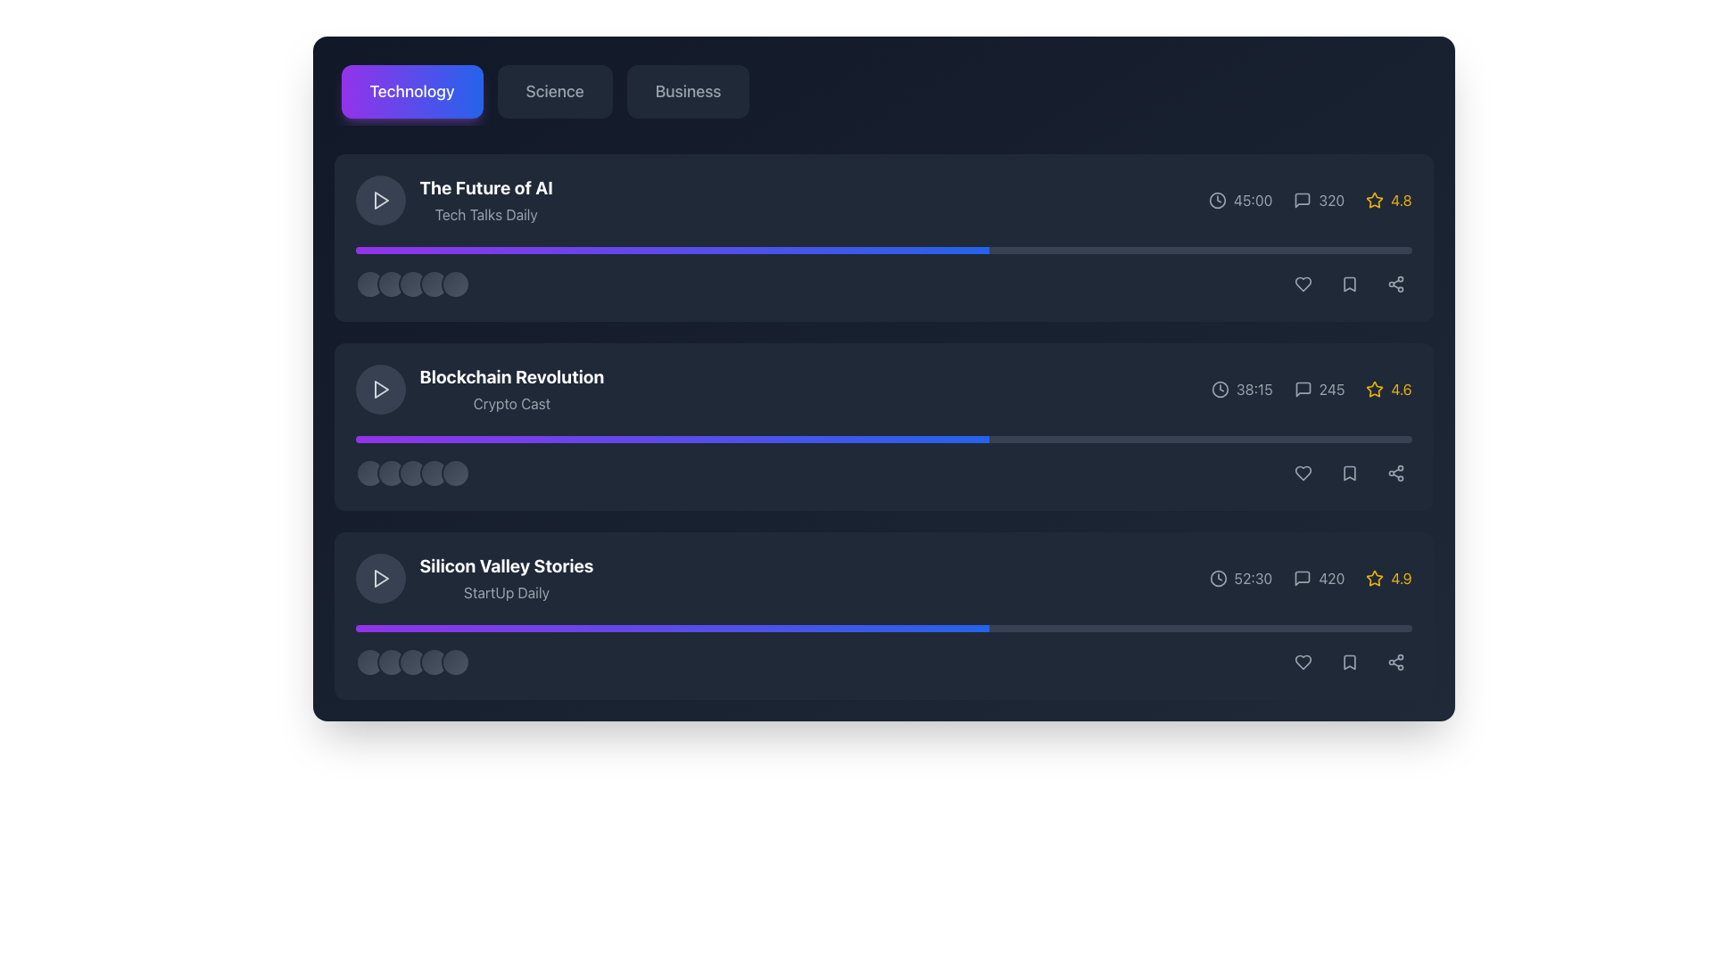 Image resolution: width=1713 pixels, height=963 pixels. What do you see at coordinates (883, 462) in the screenshot?
I see `the progress indication of the second progress bar under the section titled 'Blockchain Revolution', which visually represents the completion status of an associated activity` at bounding box center [883, 462].